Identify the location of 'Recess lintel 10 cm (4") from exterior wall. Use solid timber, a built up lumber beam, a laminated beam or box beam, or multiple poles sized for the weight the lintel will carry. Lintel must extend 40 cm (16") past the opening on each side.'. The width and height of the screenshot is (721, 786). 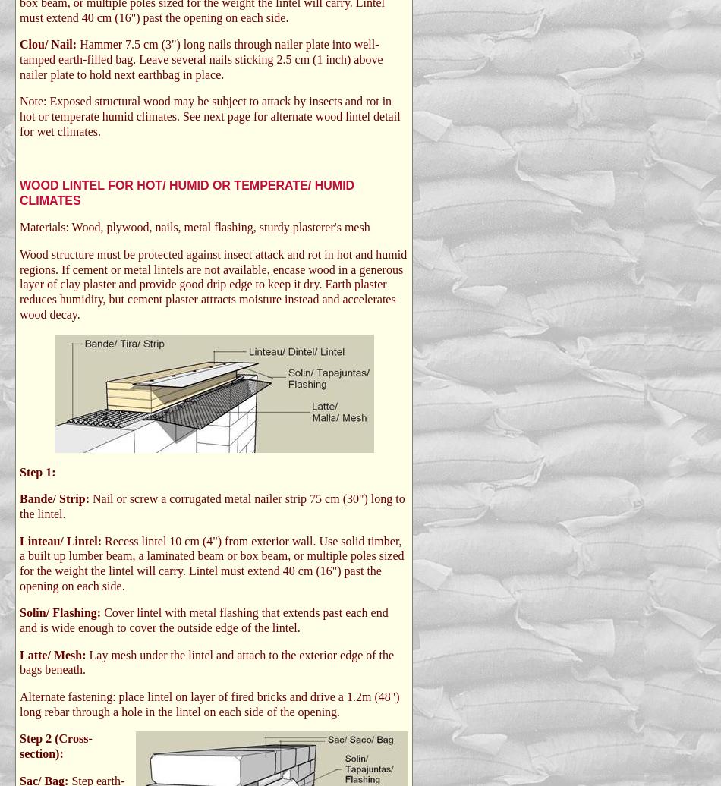
(20, 562).